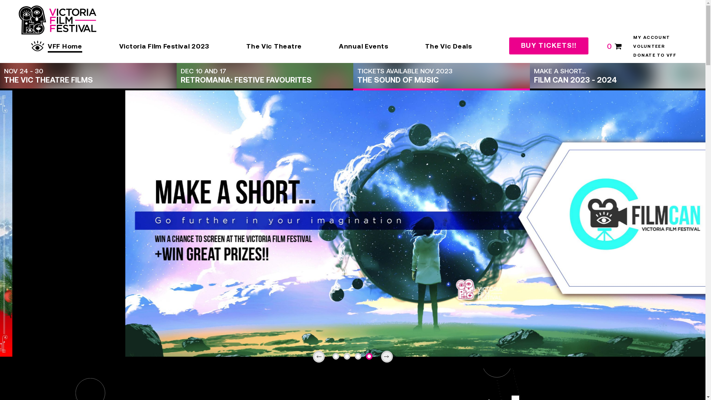  What do you see at coordinates (370, 356) in the screenshot?
I see `'4'` at bounding box center [370, 356].